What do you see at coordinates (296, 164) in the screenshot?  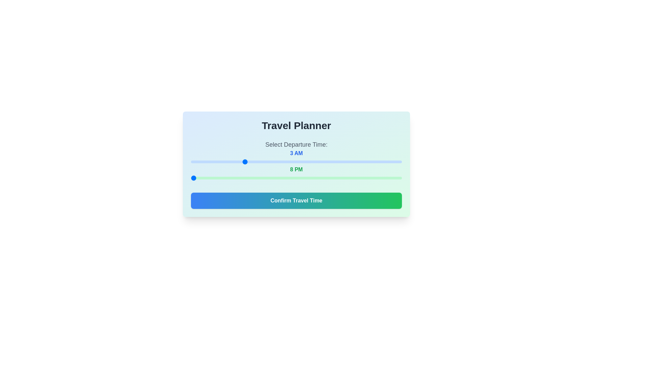 I see `the interactive panel` at bounding box center [296, 164].